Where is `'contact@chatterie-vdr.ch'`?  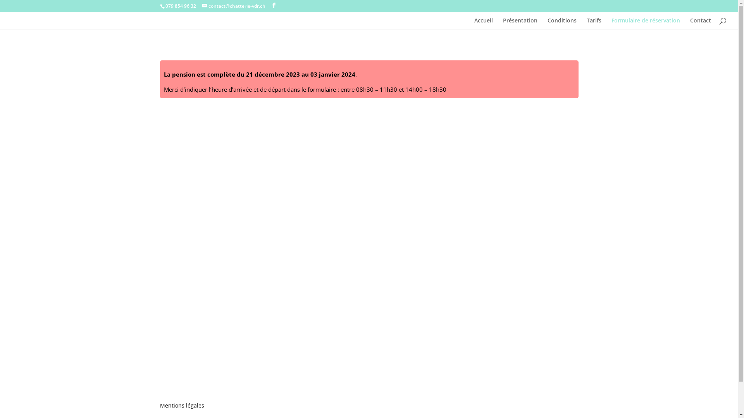 'contact@chatterie-vdr.ch' is located at coordinates (233, 6).